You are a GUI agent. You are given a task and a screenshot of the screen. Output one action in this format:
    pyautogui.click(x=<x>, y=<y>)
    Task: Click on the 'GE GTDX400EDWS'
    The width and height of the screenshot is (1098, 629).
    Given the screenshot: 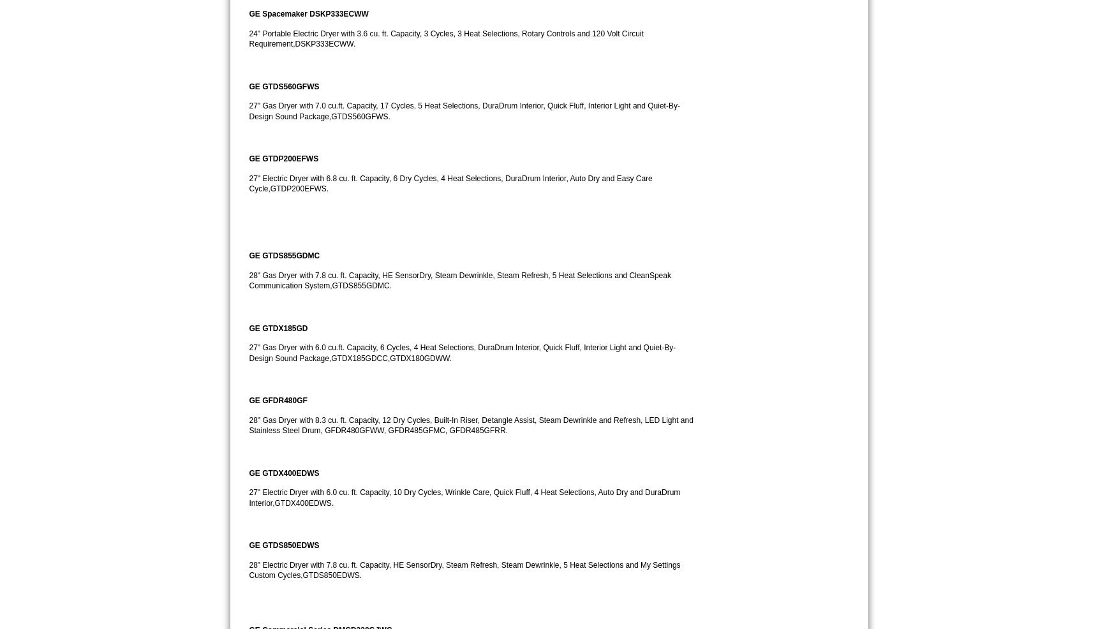 What is the action you would take?
    pyautogui.click(x=283, y=472)
    